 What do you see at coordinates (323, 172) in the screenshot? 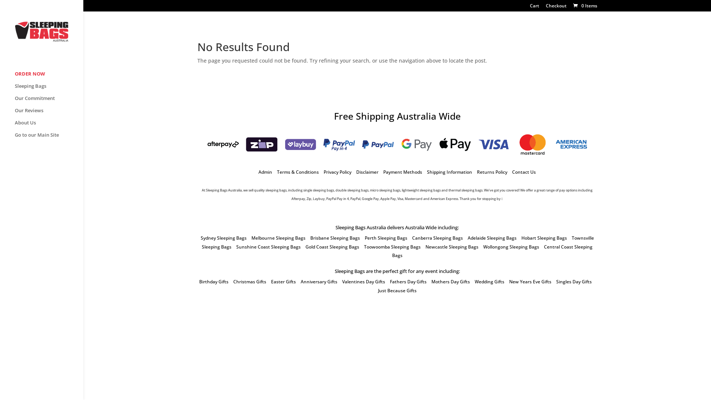
I see `'Privacy Policy'` at bounding box center [323, 172].